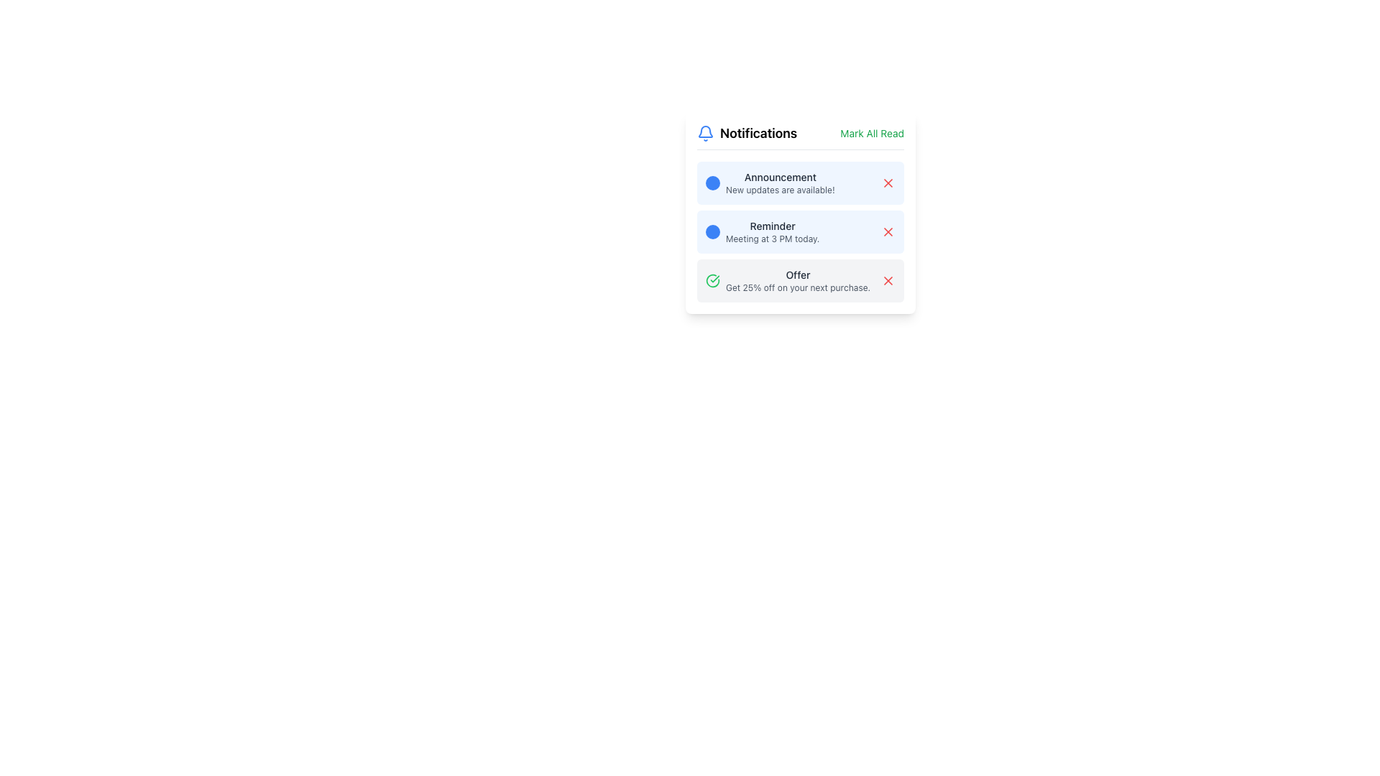 The image size is (1380, 776). Describe the element at coordinates (799, 231) in the screenshot. I see `the notification card displaying a meeting reminder at 3 PM` at that location.